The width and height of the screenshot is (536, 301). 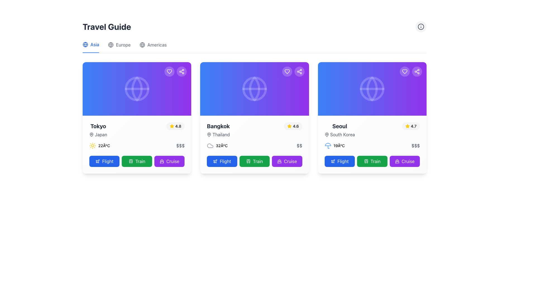 I want to click on the heart-shaped favorite icon located in the top-right corner of the Bangkok travel destination card to mark it as a favorite, so click(x=287, y=71).